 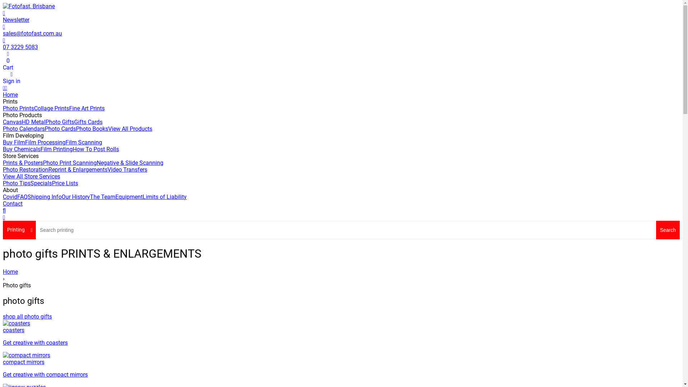 What do you see at coordinates (24, 128) in the screenshot?
I see `'Photo Calendars'` at bounding box center [24, 128].